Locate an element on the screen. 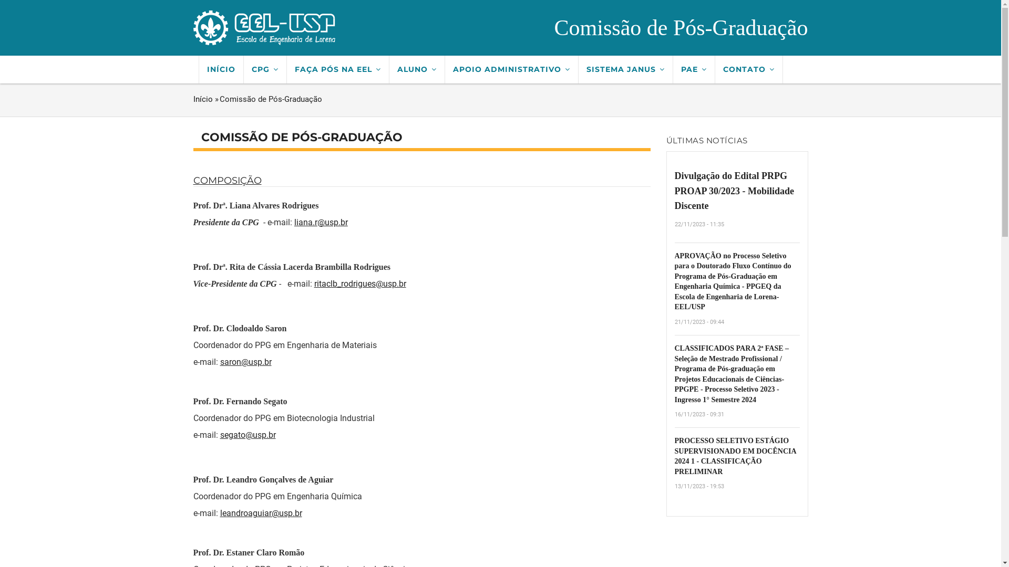 The height and width of the screenshot is (567, 1009). 'CONTATO' is located at coordinates (748, 69).